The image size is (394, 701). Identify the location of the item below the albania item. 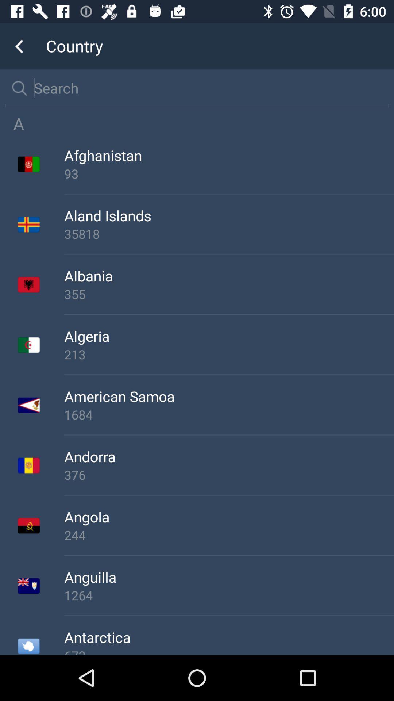
(229, 294).